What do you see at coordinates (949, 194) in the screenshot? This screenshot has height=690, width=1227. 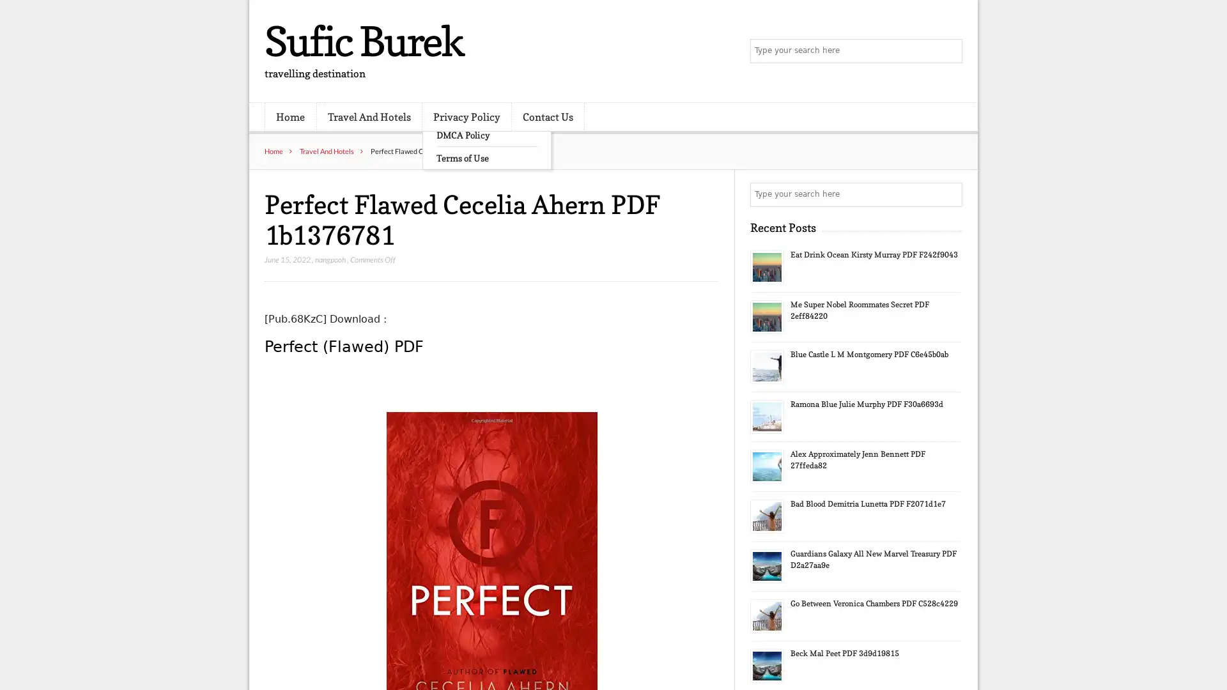 I see `Search` at bounding box center [949, 194].